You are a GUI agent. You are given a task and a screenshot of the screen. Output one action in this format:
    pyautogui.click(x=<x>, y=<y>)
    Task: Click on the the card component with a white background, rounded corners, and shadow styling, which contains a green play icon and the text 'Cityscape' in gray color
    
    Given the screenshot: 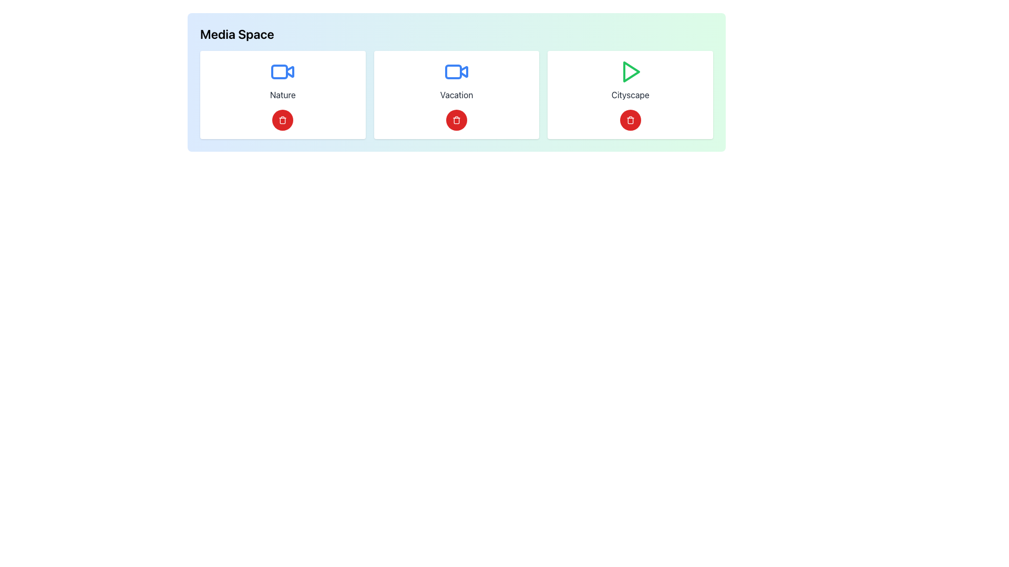 What is the action you would take?
    pyautogui.click(x=630, y=95)
    